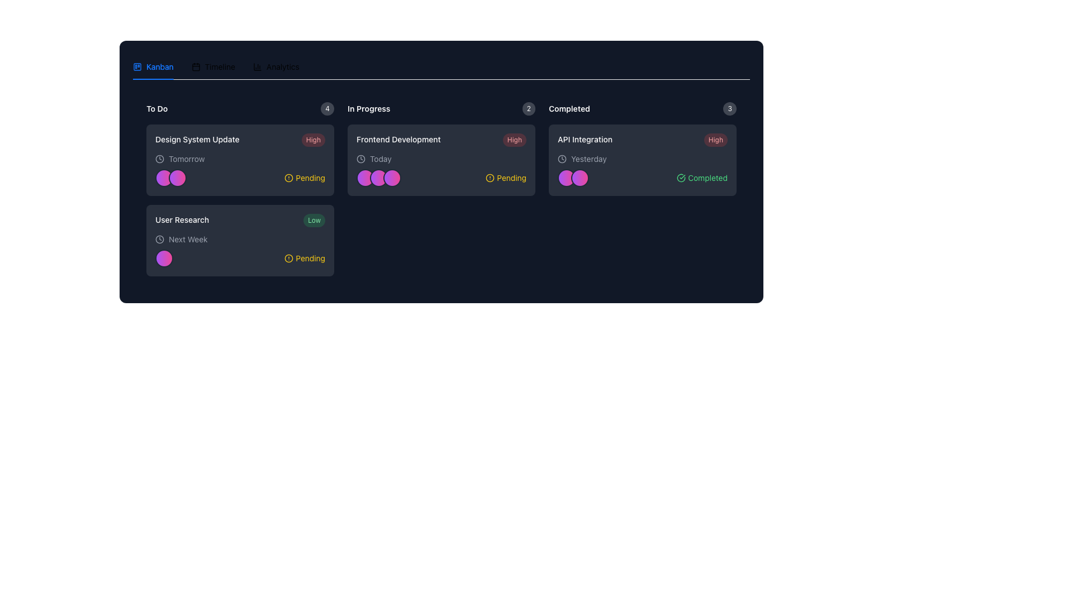  What do you see at coordinates (730, 109) in the screenshot?
I see `the badge that displays the numerical count of items in the 'Completed' section, located in the top-right corner aligned with the section's label` at bounding box center [730, 109].